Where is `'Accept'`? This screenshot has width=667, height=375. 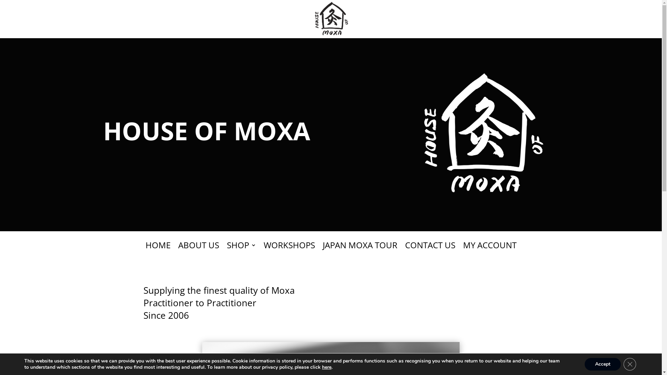 'Accept' is located at coordinates (602, 364).